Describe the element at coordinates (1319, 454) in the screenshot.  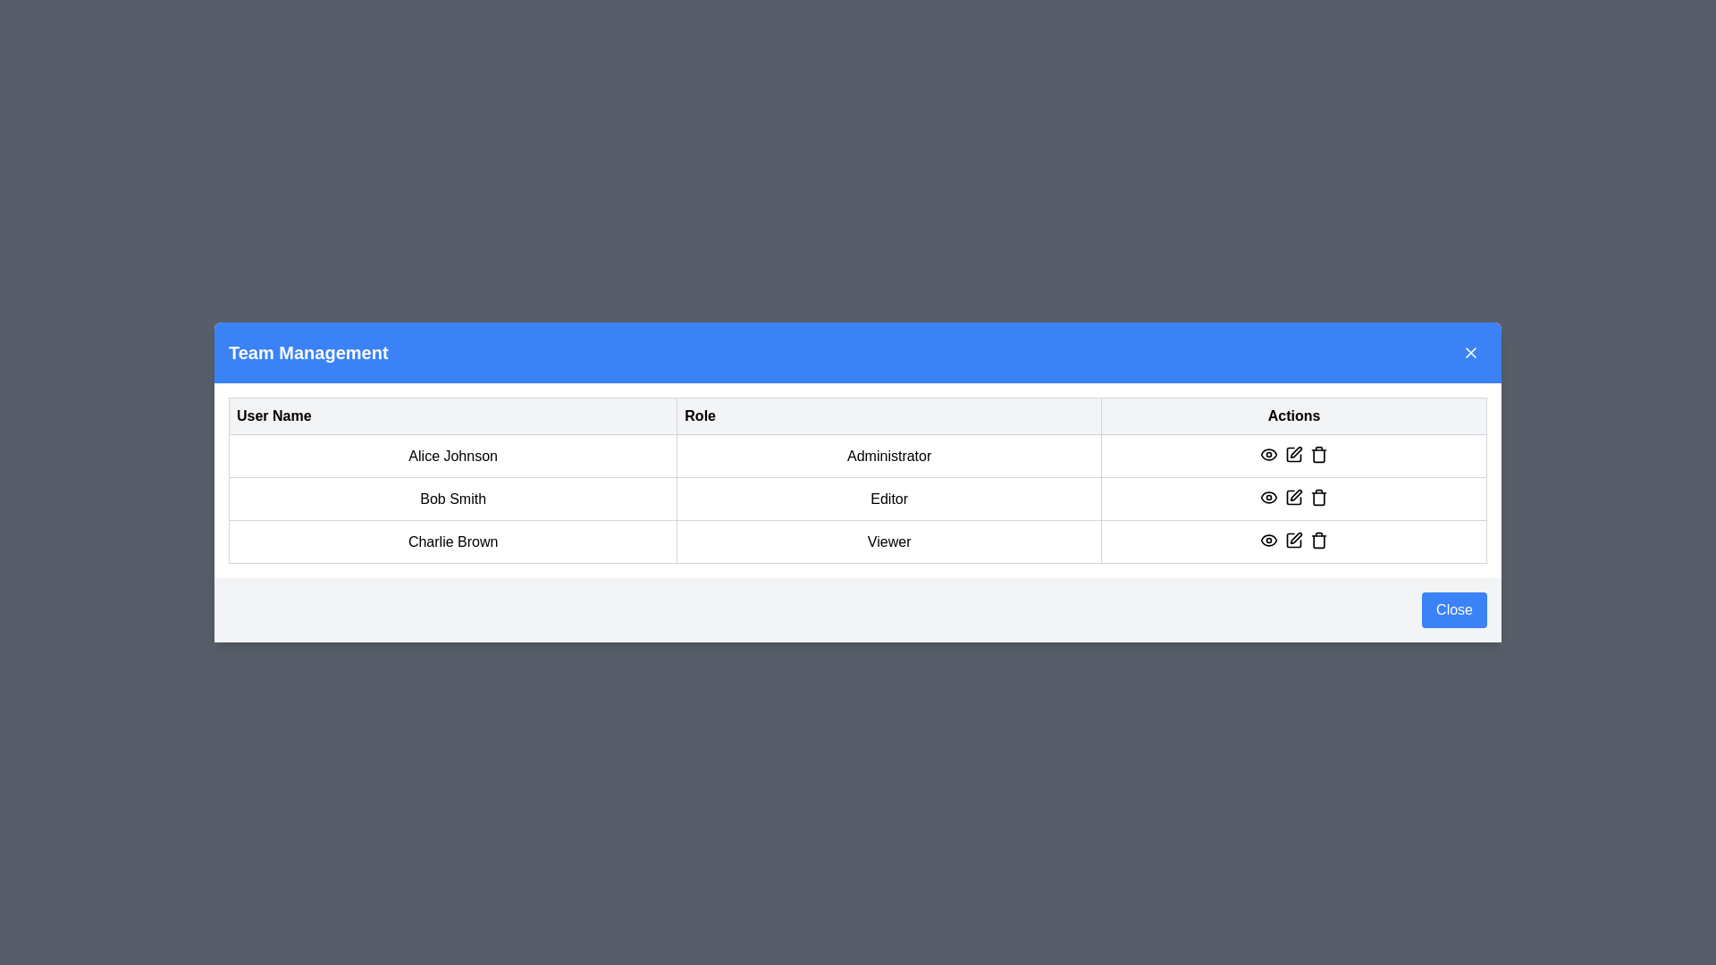
I see `the trash bin icon button in the 'Actions' column under the 'Team Management' section for user 'Alice Johnson'` at that location.